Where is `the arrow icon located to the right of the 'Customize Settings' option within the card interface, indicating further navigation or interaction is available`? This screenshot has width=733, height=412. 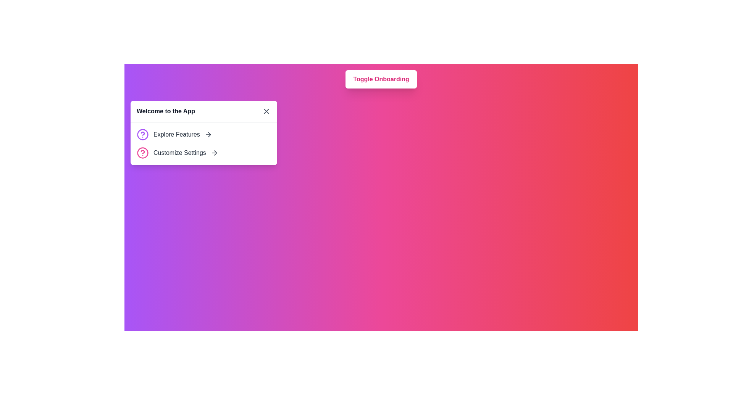
the arrow icon located to the right of the 'Customize Settings' option within the card interface, indicating further navigation or interaction is available is located at coordinates (214, 153).